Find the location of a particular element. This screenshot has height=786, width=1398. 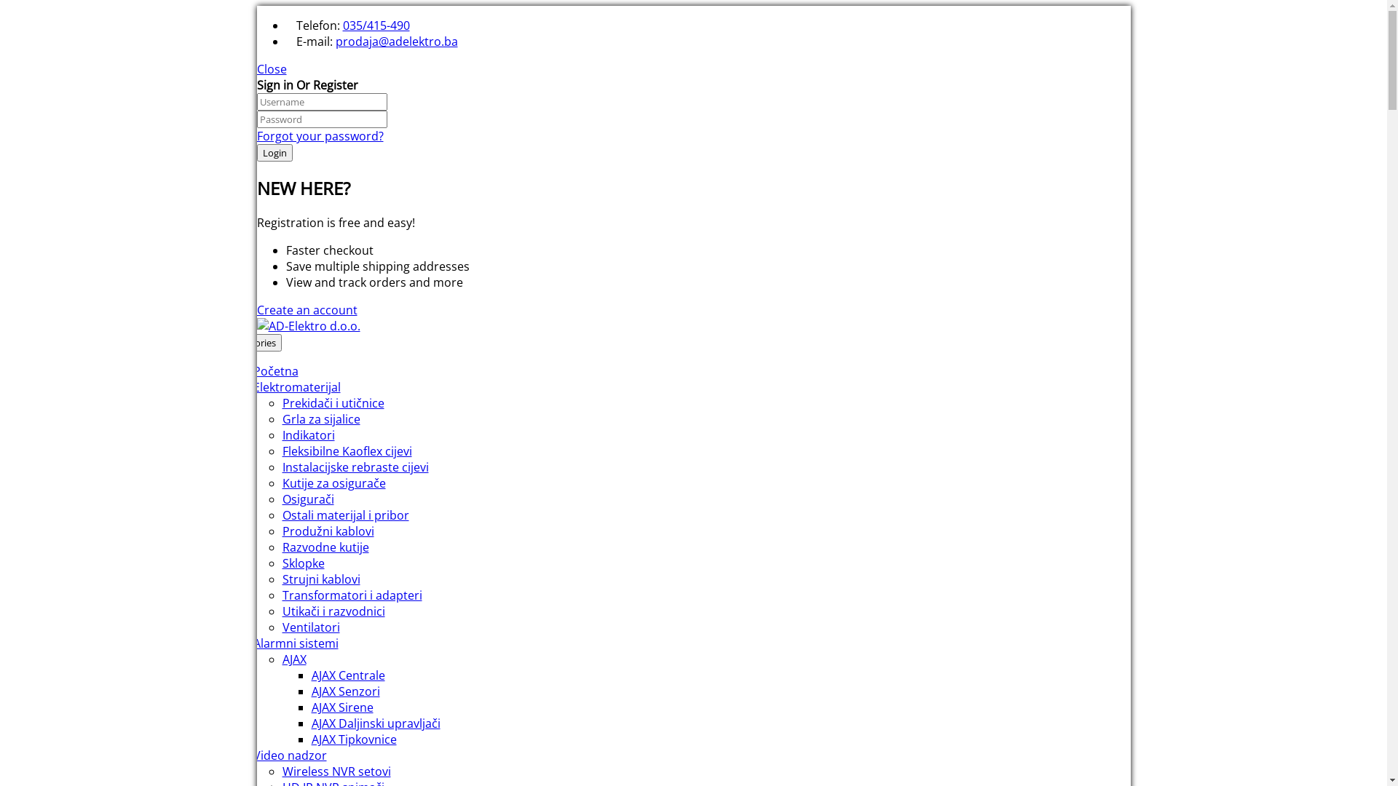

'Instalacijske rebraste cijevi' is located at coordinates (283, 467).